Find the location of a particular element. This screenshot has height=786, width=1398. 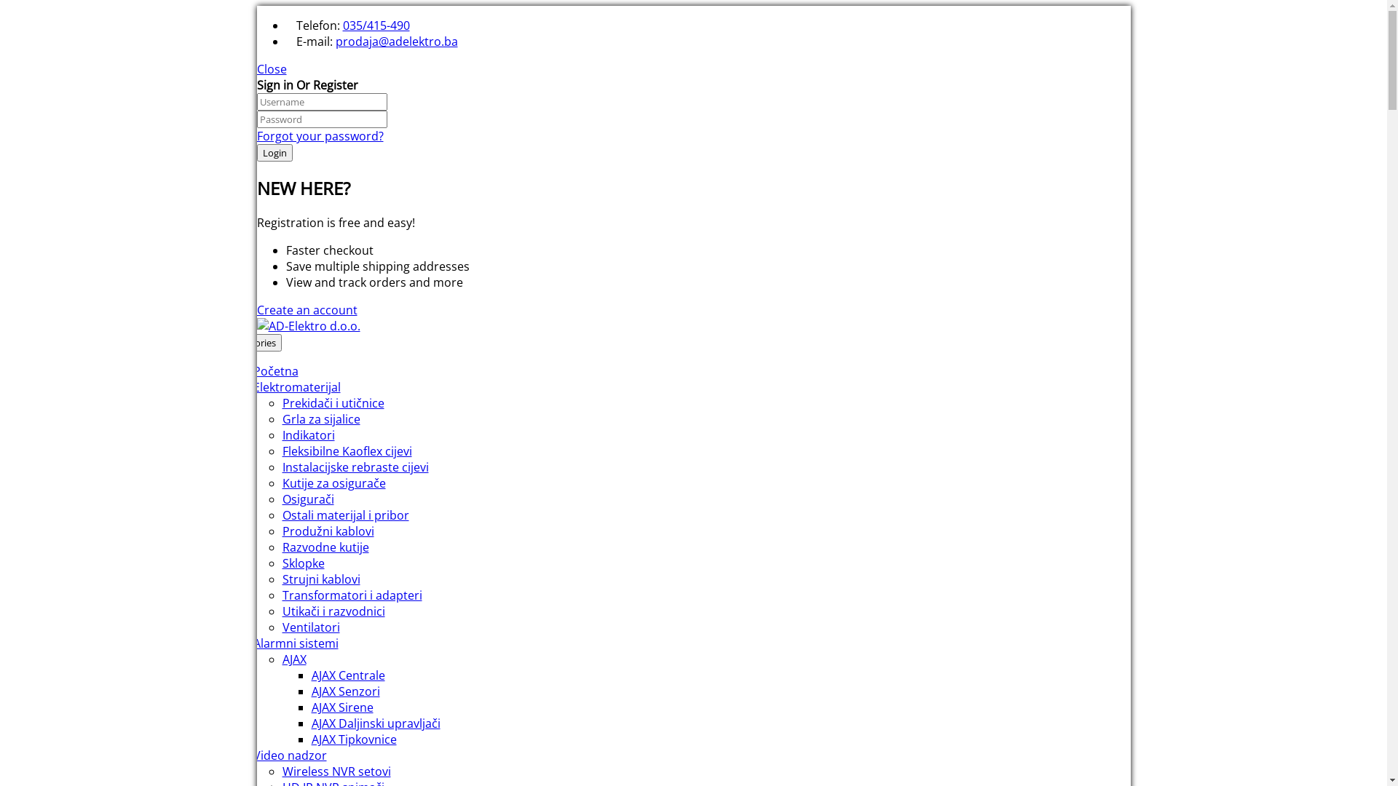

'Instalacijske rebraste cijevi' is located at coordinates (283, 467).